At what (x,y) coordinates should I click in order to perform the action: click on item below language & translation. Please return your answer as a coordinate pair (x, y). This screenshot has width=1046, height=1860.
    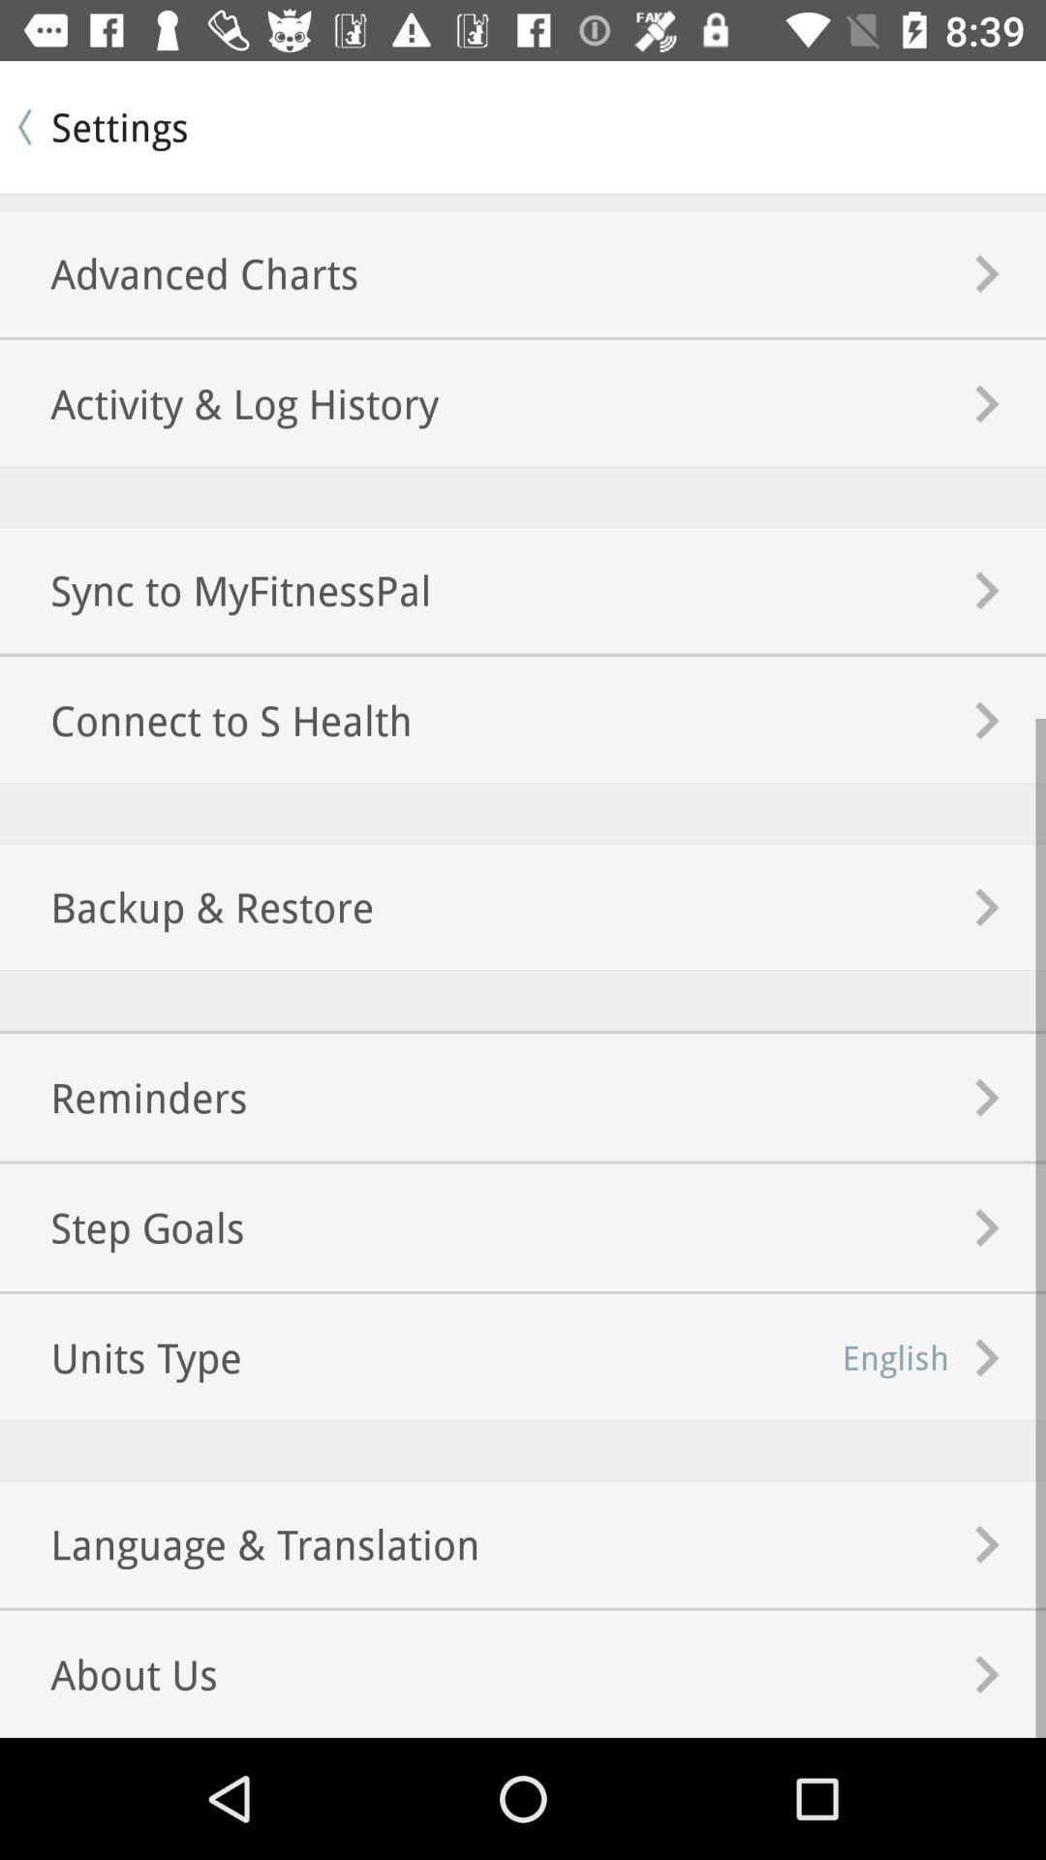
    Looking at the image, I should click on (108, 1673).